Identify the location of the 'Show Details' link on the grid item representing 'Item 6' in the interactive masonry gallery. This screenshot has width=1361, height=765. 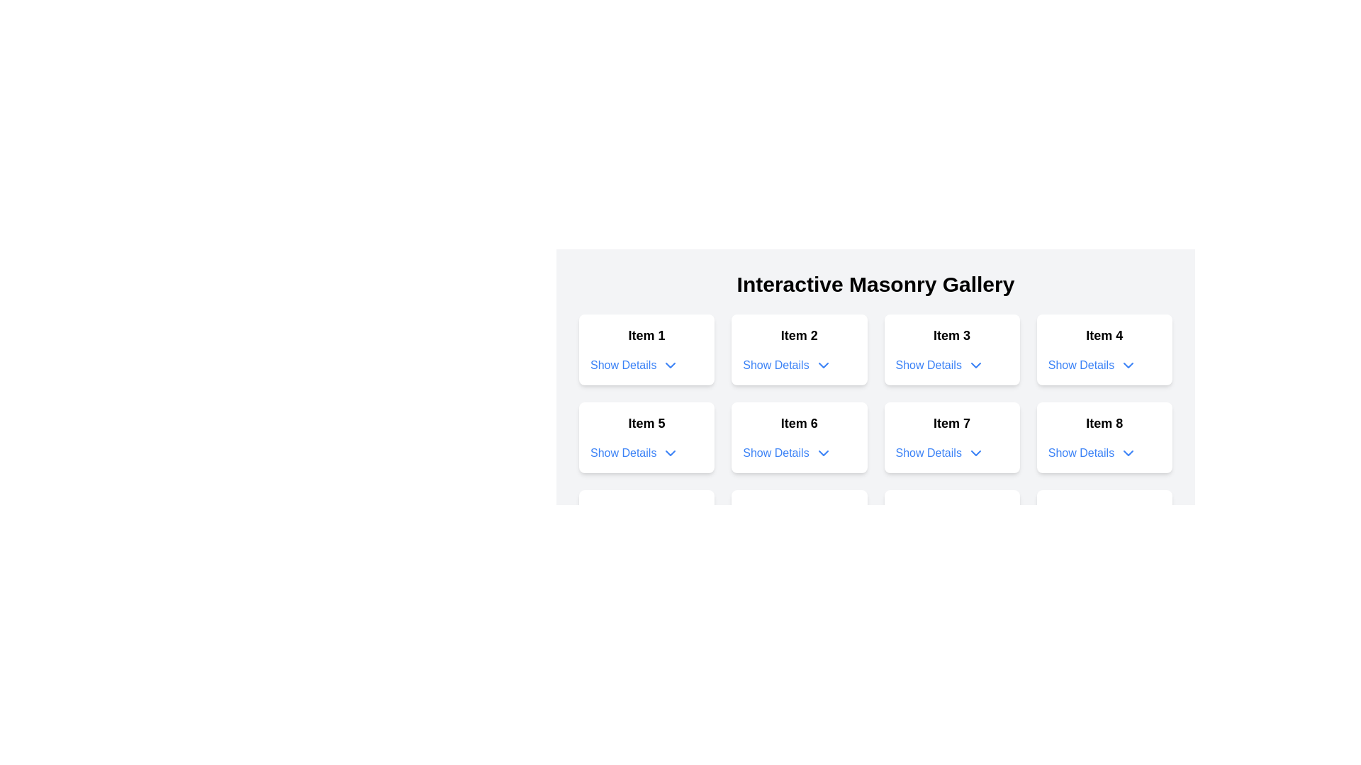
(875, 436).